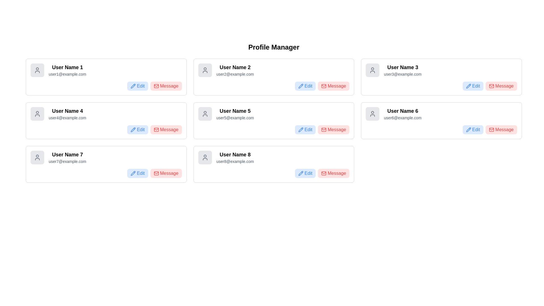  What do you see at coordinates (156, 86) in the screenshot?
I see `the graphic representation of the mail icon, which is a rectangular component with rounded corners styled to look like an envelope, located as the second slot of the second row within the broader 'Message' action button` at bounding box center [156, 86].